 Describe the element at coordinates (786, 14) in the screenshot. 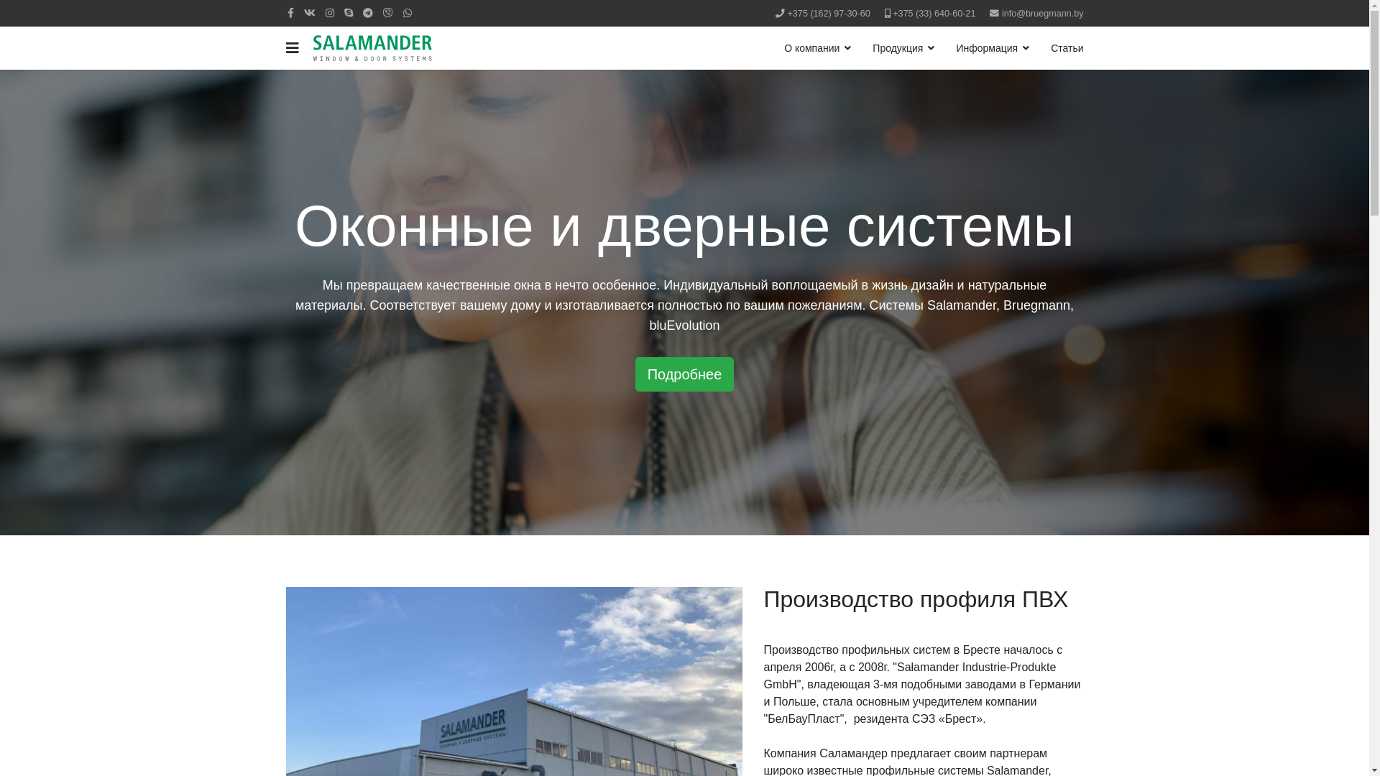

I see `'+375 (162) 97-30-60'` at that location.